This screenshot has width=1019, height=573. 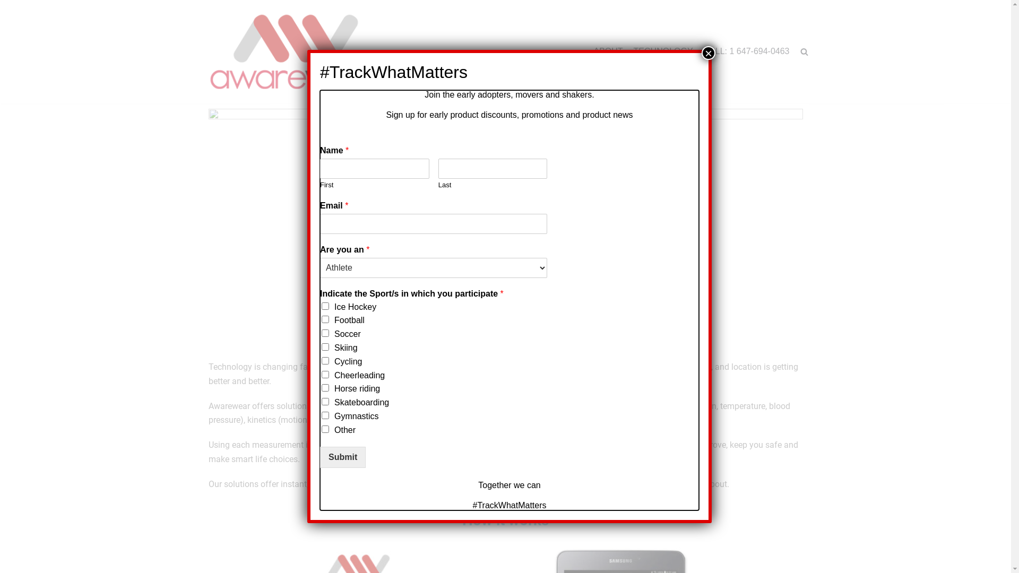 I want to click on 'ABOUT', so click(x=608, y=51).